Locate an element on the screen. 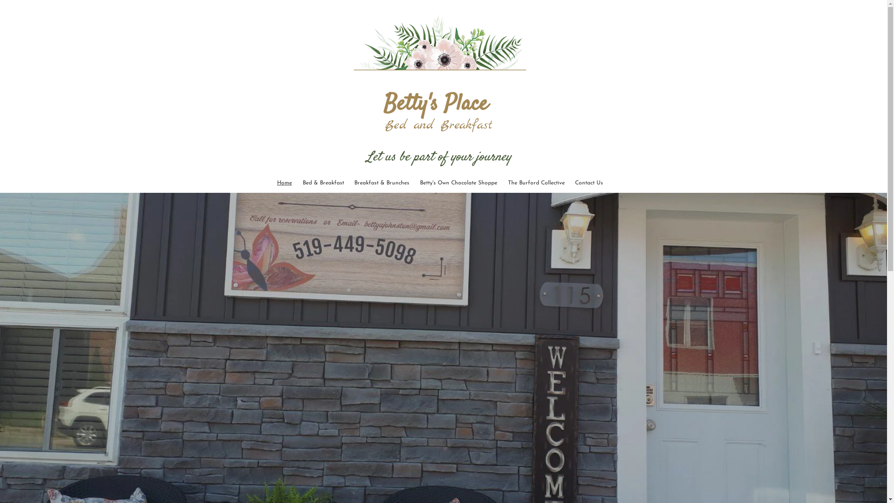 The image size is (894, 503). 'Contact Us' is located at coordinates (569, 183).